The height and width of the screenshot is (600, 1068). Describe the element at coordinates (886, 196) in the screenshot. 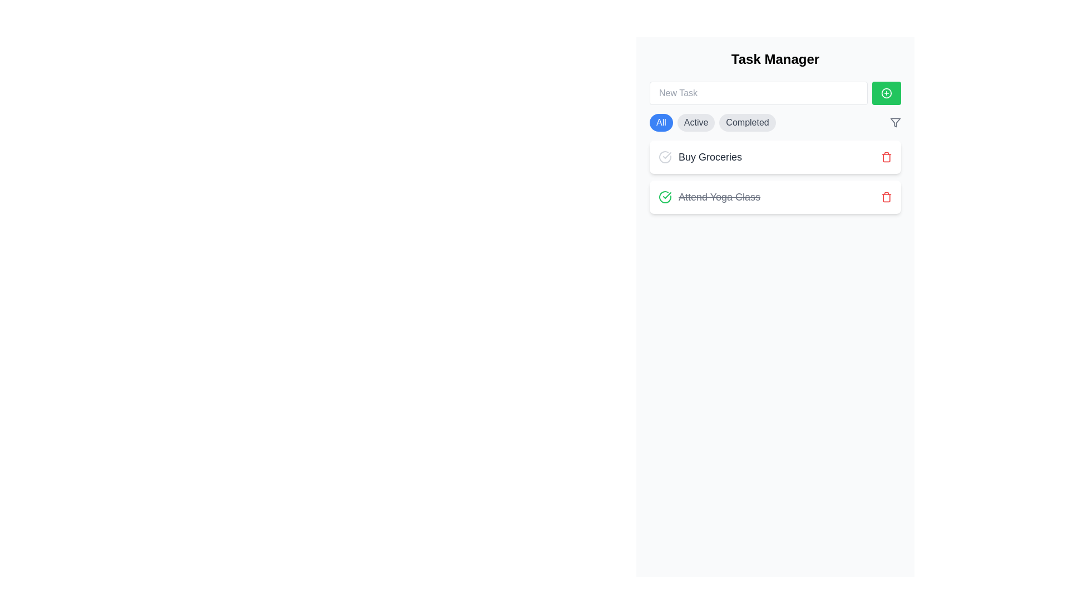

I see `the red trash can icon button located at the far right of the 'Attend Yoga Class' task card` at that location.